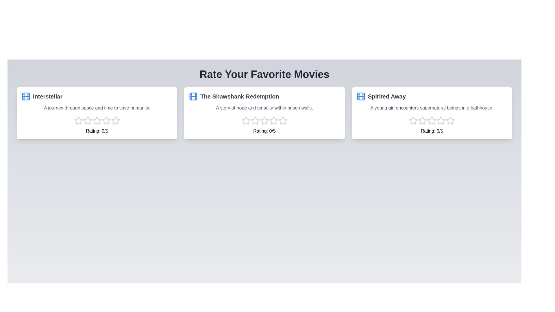 The image size is (555, 312). What do you see at coordinates (432, 108) in the screenshot?
I see `the synopsis of the movie Spirited Away` at bounding box center [432, 108].